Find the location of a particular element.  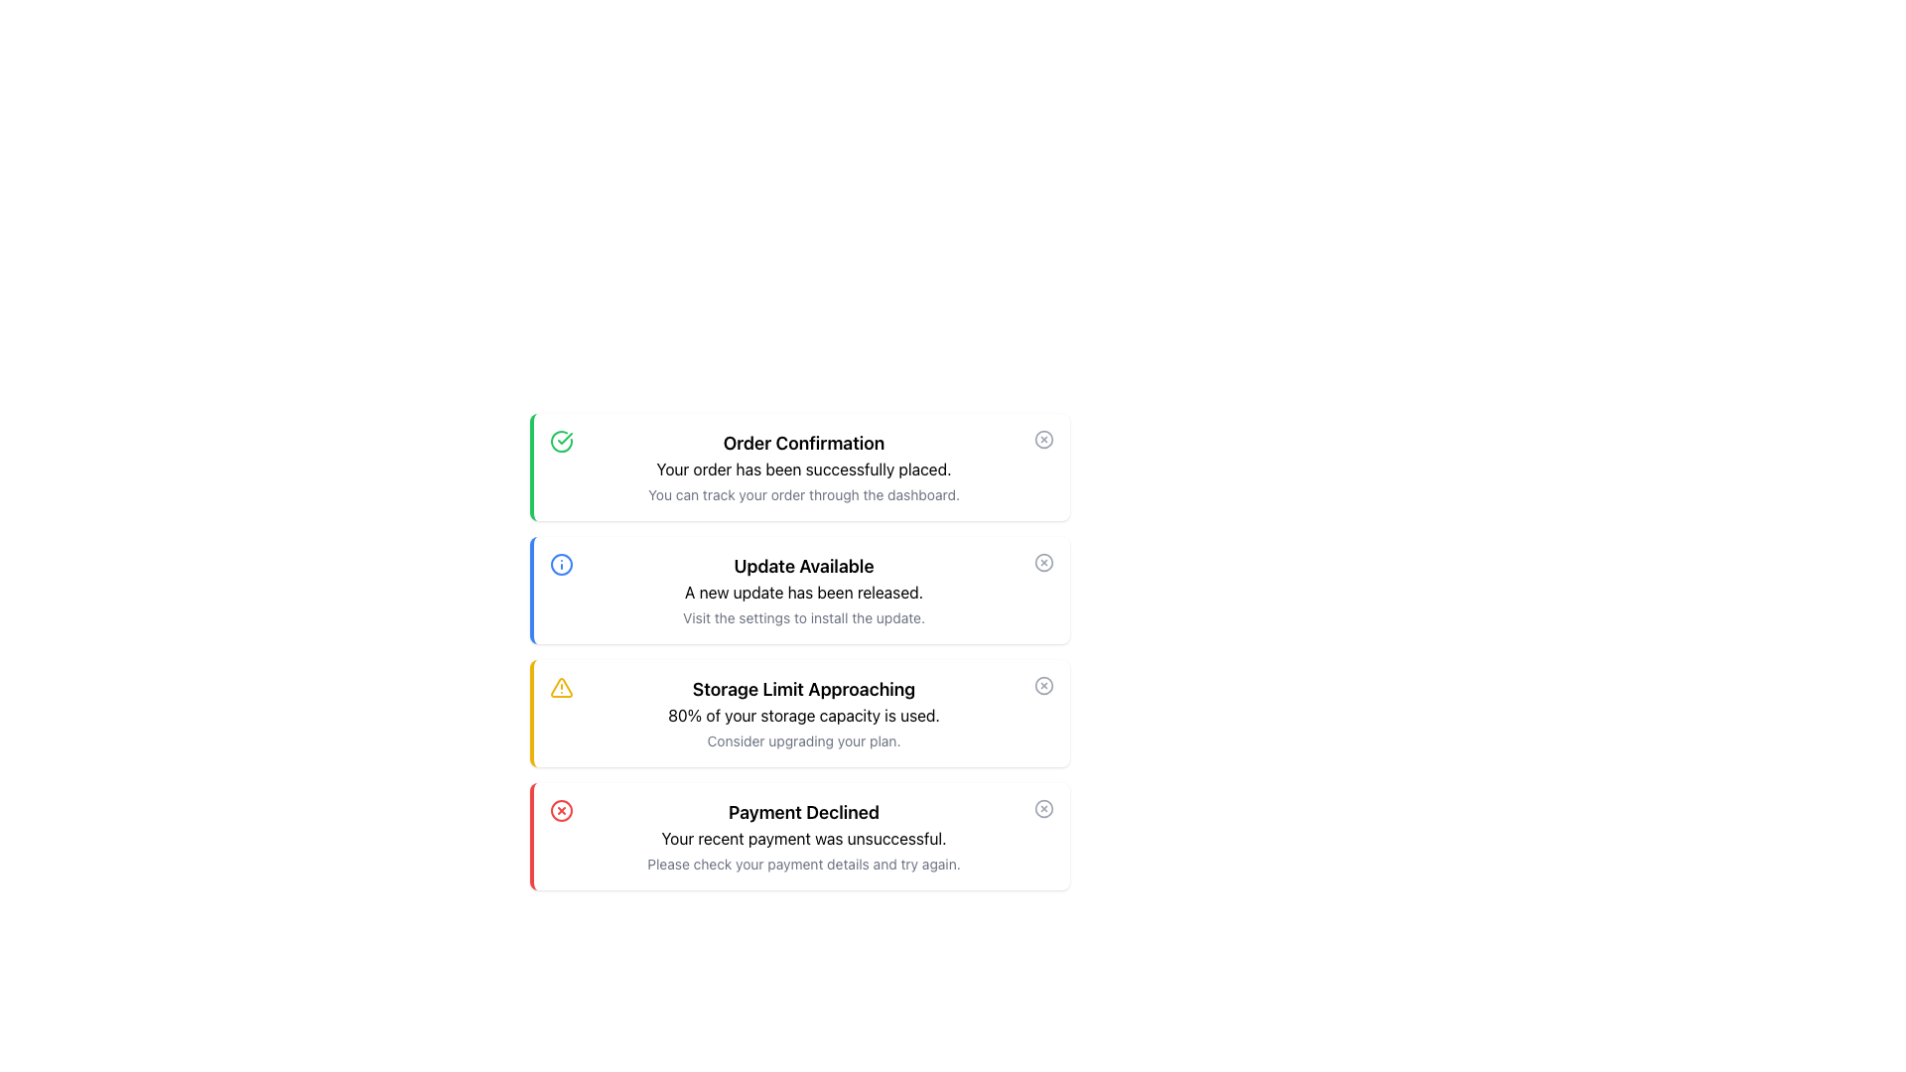

the static text providing instructions for tracking the order, located below the 'Your order has been successfully placed.' text and under the 'Order Confirmation' heading is located at coordinates (804, 493).